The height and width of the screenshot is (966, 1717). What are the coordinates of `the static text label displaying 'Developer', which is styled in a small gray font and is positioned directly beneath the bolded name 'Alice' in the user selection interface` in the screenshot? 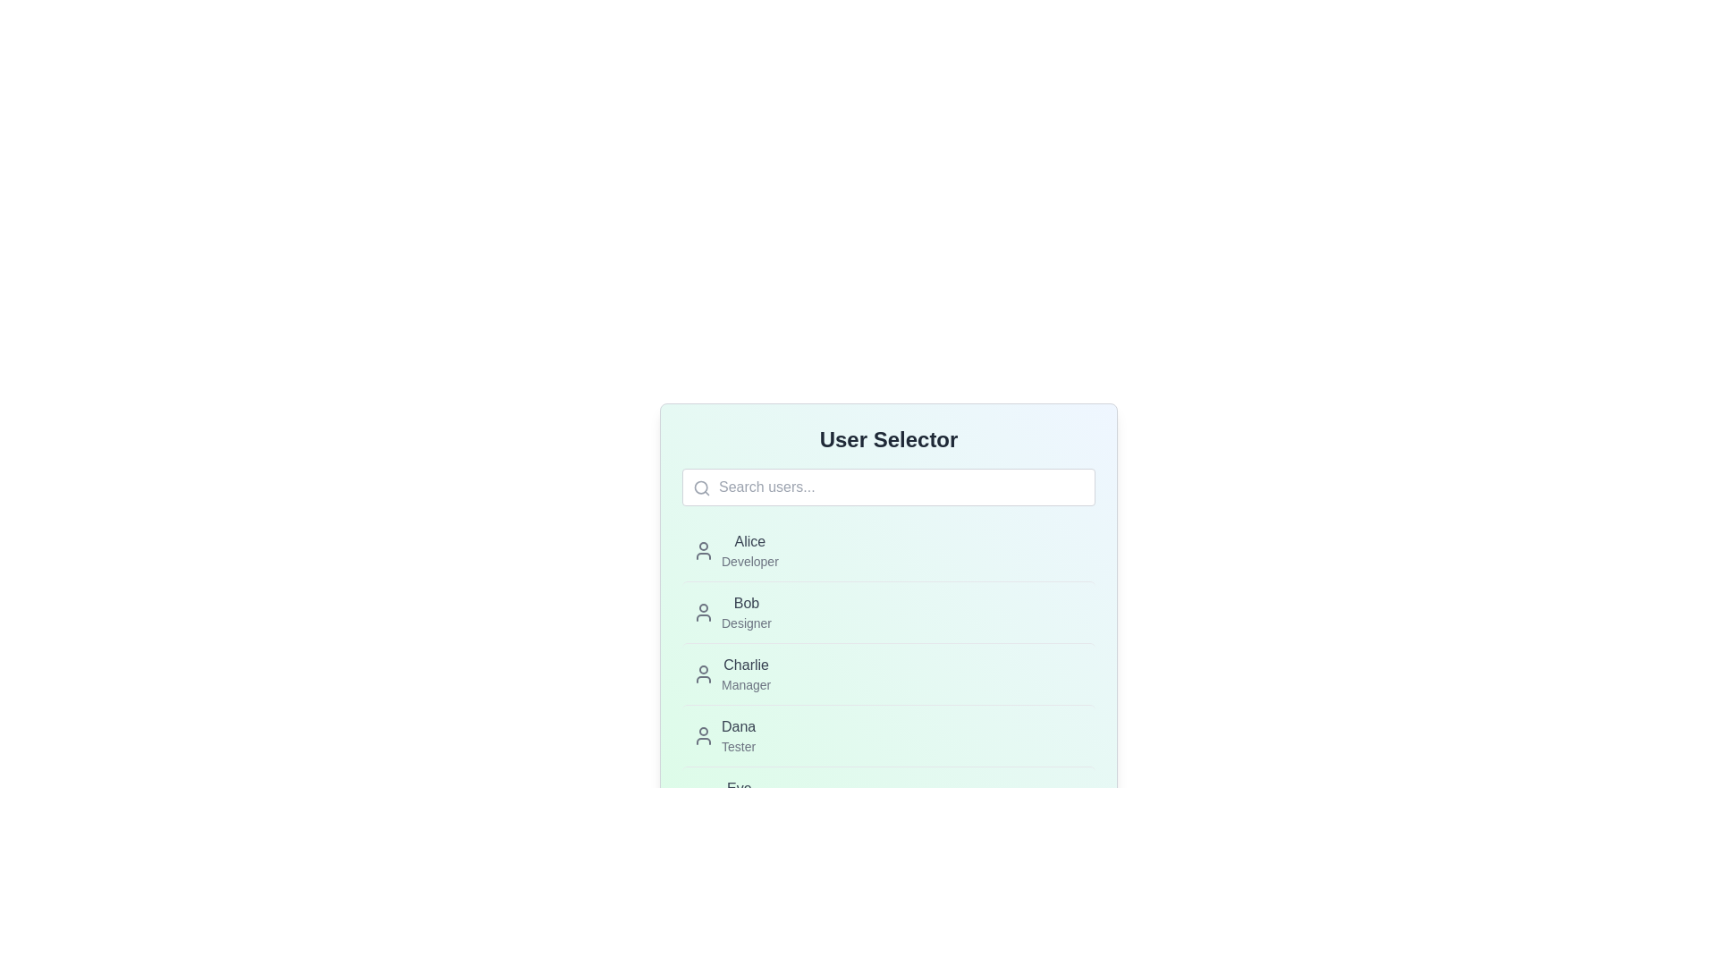 It's located at (749, 561).